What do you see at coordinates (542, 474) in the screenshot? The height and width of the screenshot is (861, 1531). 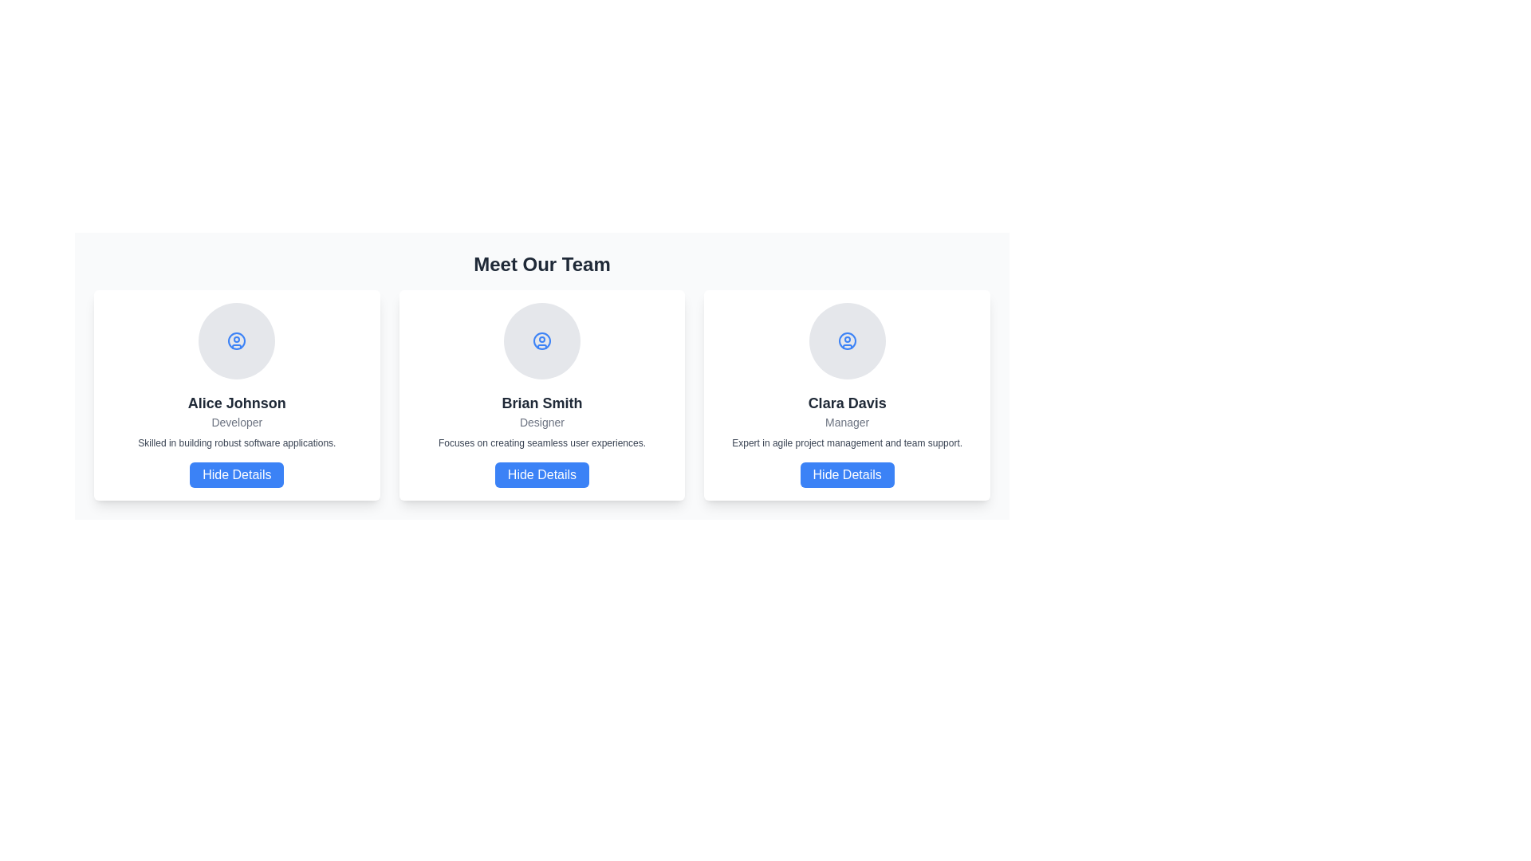 I see `the button located at the lower center of the card displaying information about 'Brian Smith' to hide the details currently displayed` at bounding box center [542, 474].